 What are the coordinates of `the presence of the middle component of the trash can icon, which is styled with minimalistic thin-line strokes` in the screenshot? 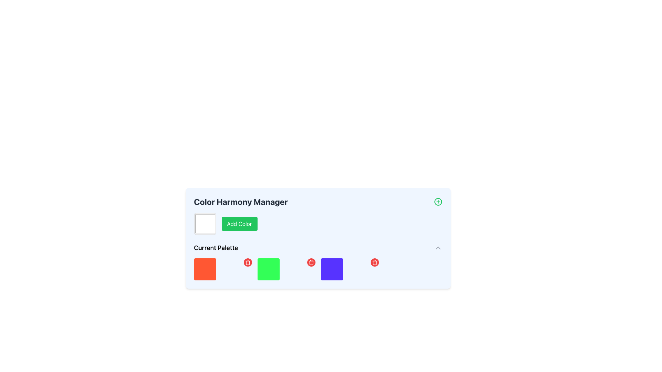 It's located at (311, 263).